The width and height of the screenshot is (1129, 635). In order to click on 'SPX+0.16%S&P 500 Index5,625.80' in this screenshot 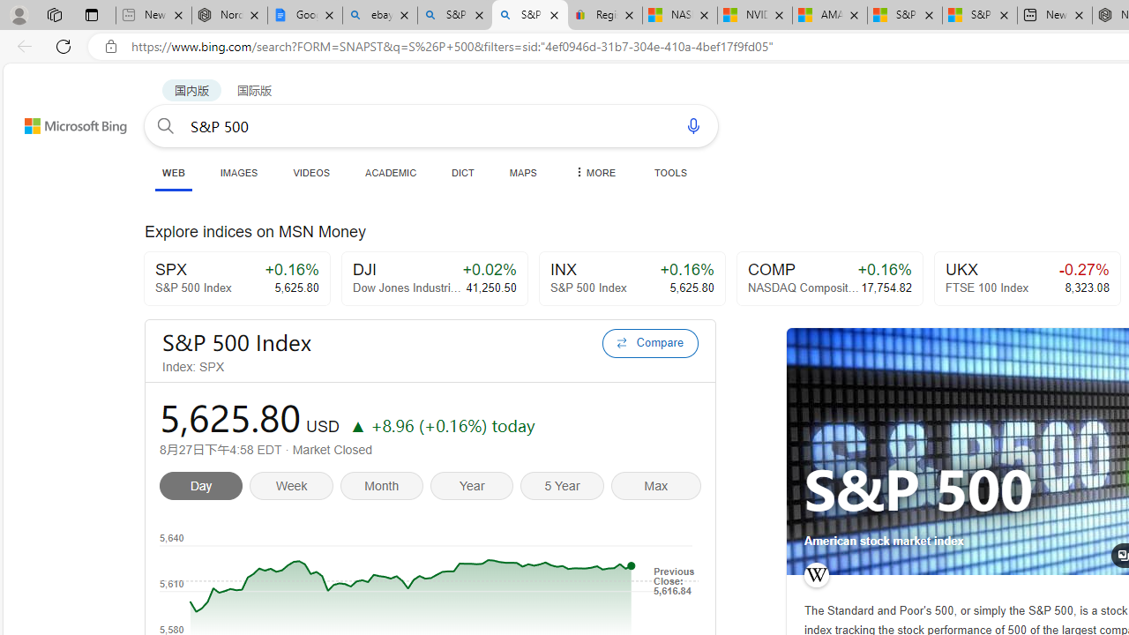, I will do `click(236, 278)`.